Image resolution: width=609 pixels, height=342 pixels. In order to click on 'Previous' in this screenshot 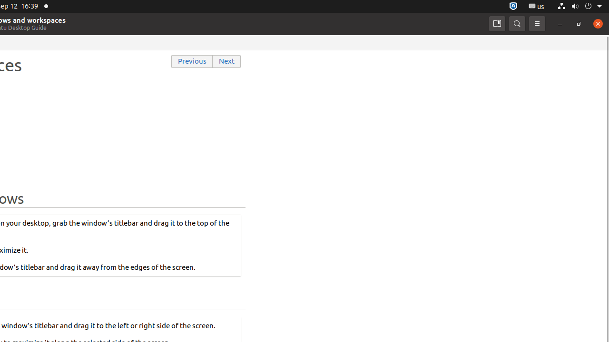, I will do `click(191, 61)`.